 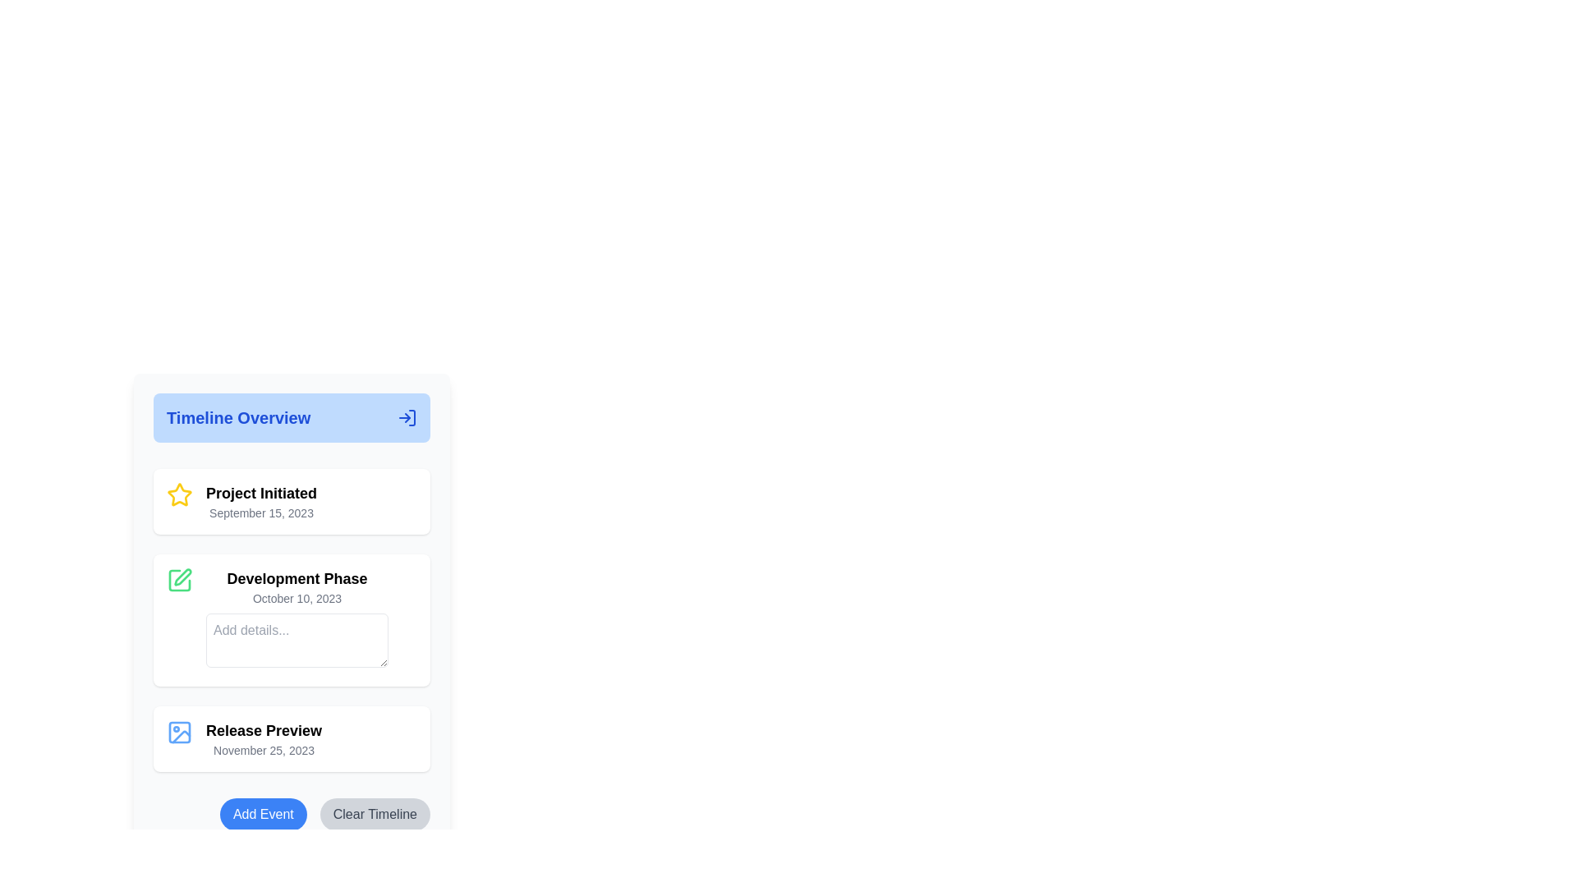 I want to click on the 'Development Phase' entry in the timeline, so click(x=292, y=620).